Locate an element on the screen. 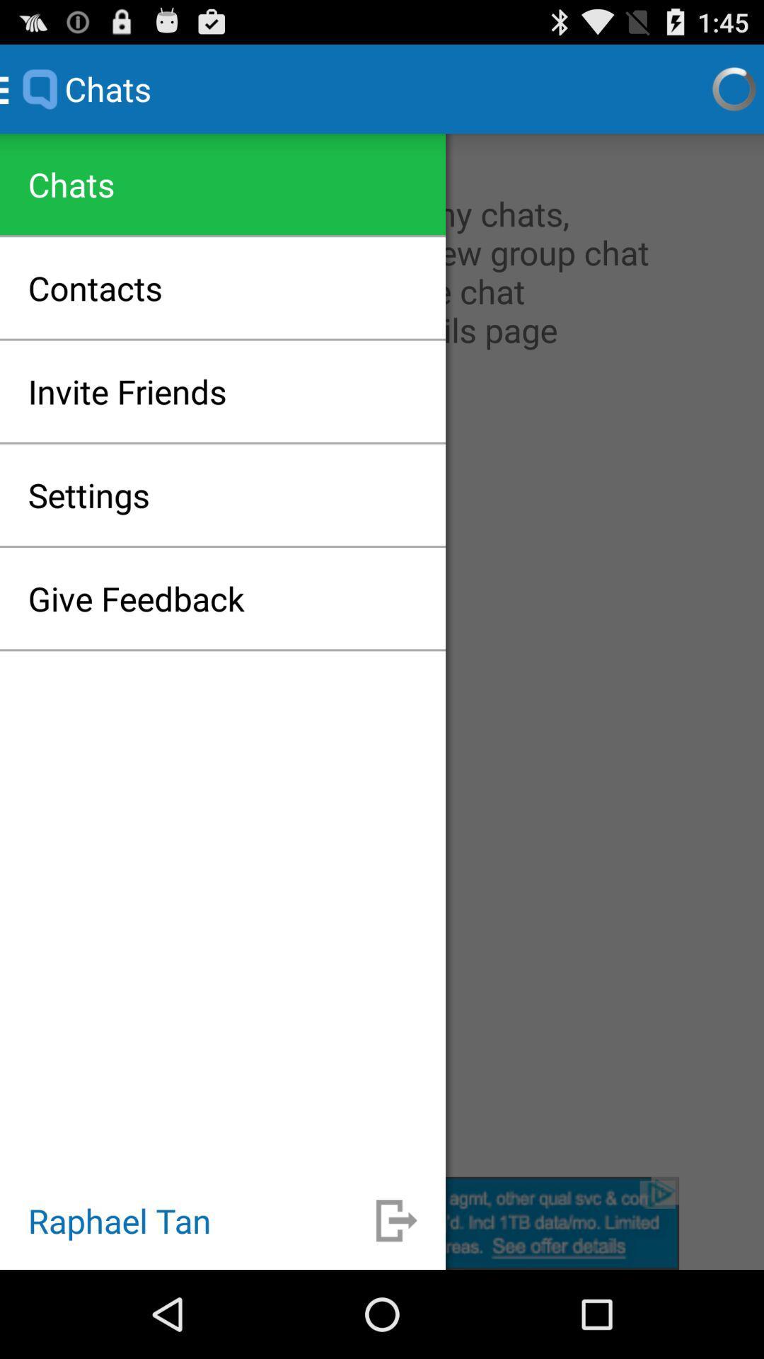 This screenshot has height=1359, width=764. the invite friends icon is located at coordinates (127, 391).